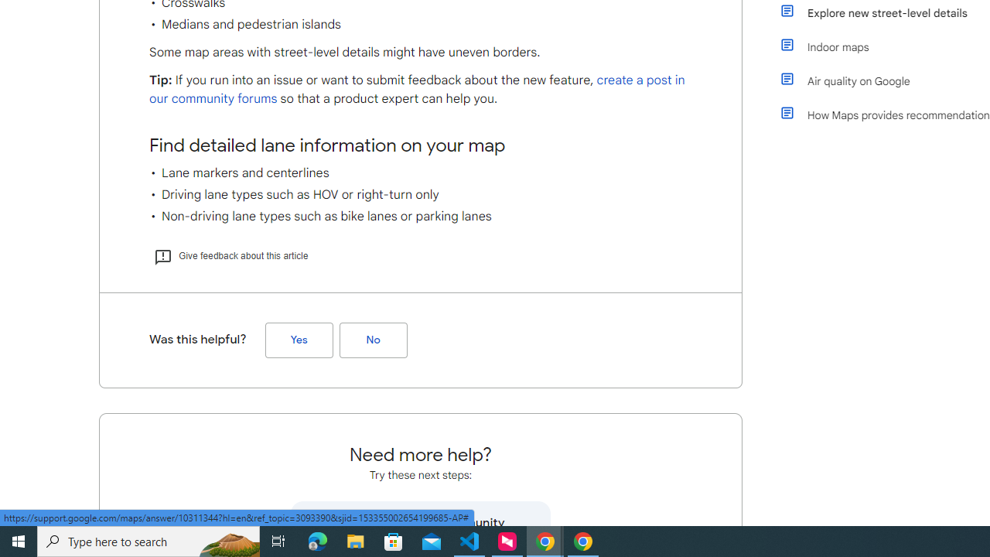 The width and height of the screenshot is (990, 557). Describe the element at coordinates (373, 339) in the screenshot. I see `'No (Was this helpful?)'` at that location.